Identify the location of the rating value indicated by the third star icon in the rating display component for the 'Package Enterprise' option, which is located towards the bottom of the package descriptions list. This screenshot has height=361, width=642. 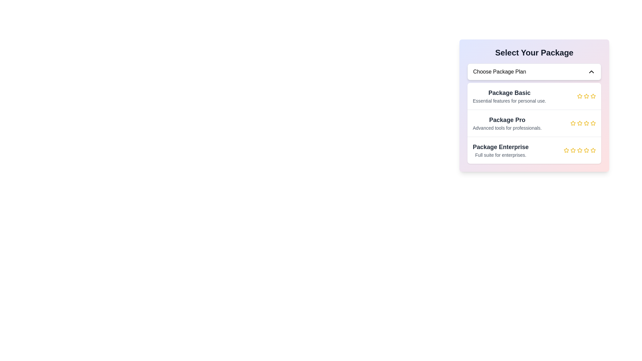
(579, 150).